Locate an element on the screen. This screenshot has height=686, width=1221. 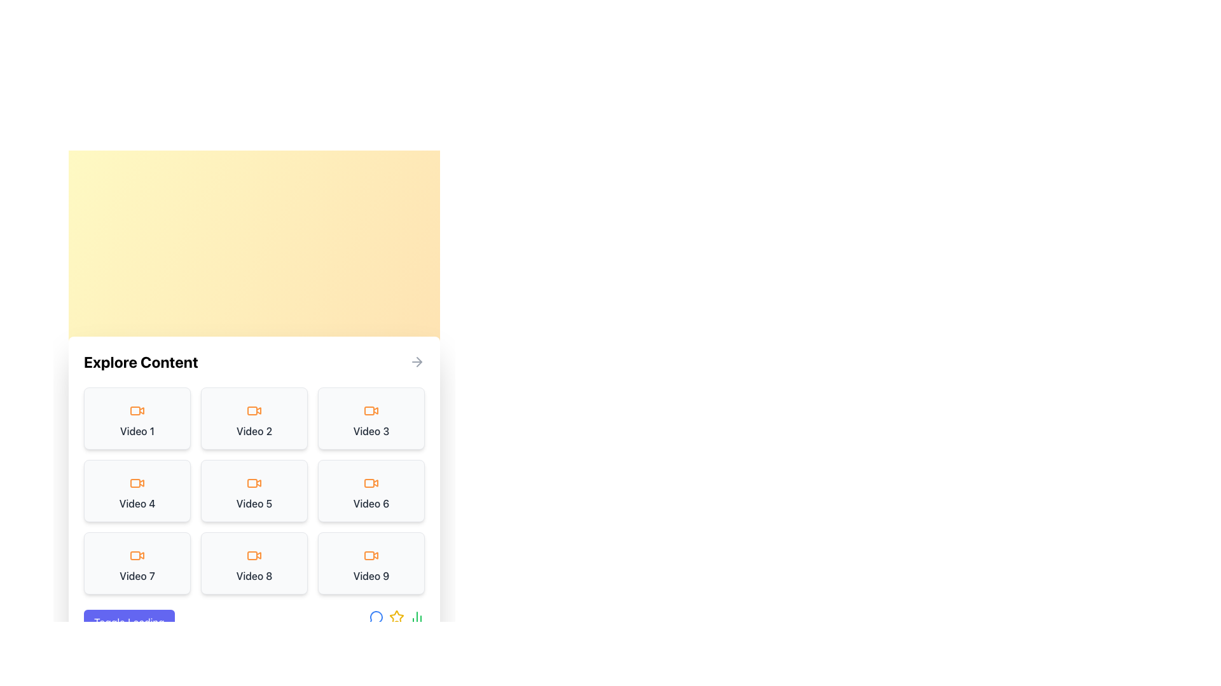
the video icon representing 'Video 1' located in the first card of the 'Explore Content' section is located at coordinates (137, 411).